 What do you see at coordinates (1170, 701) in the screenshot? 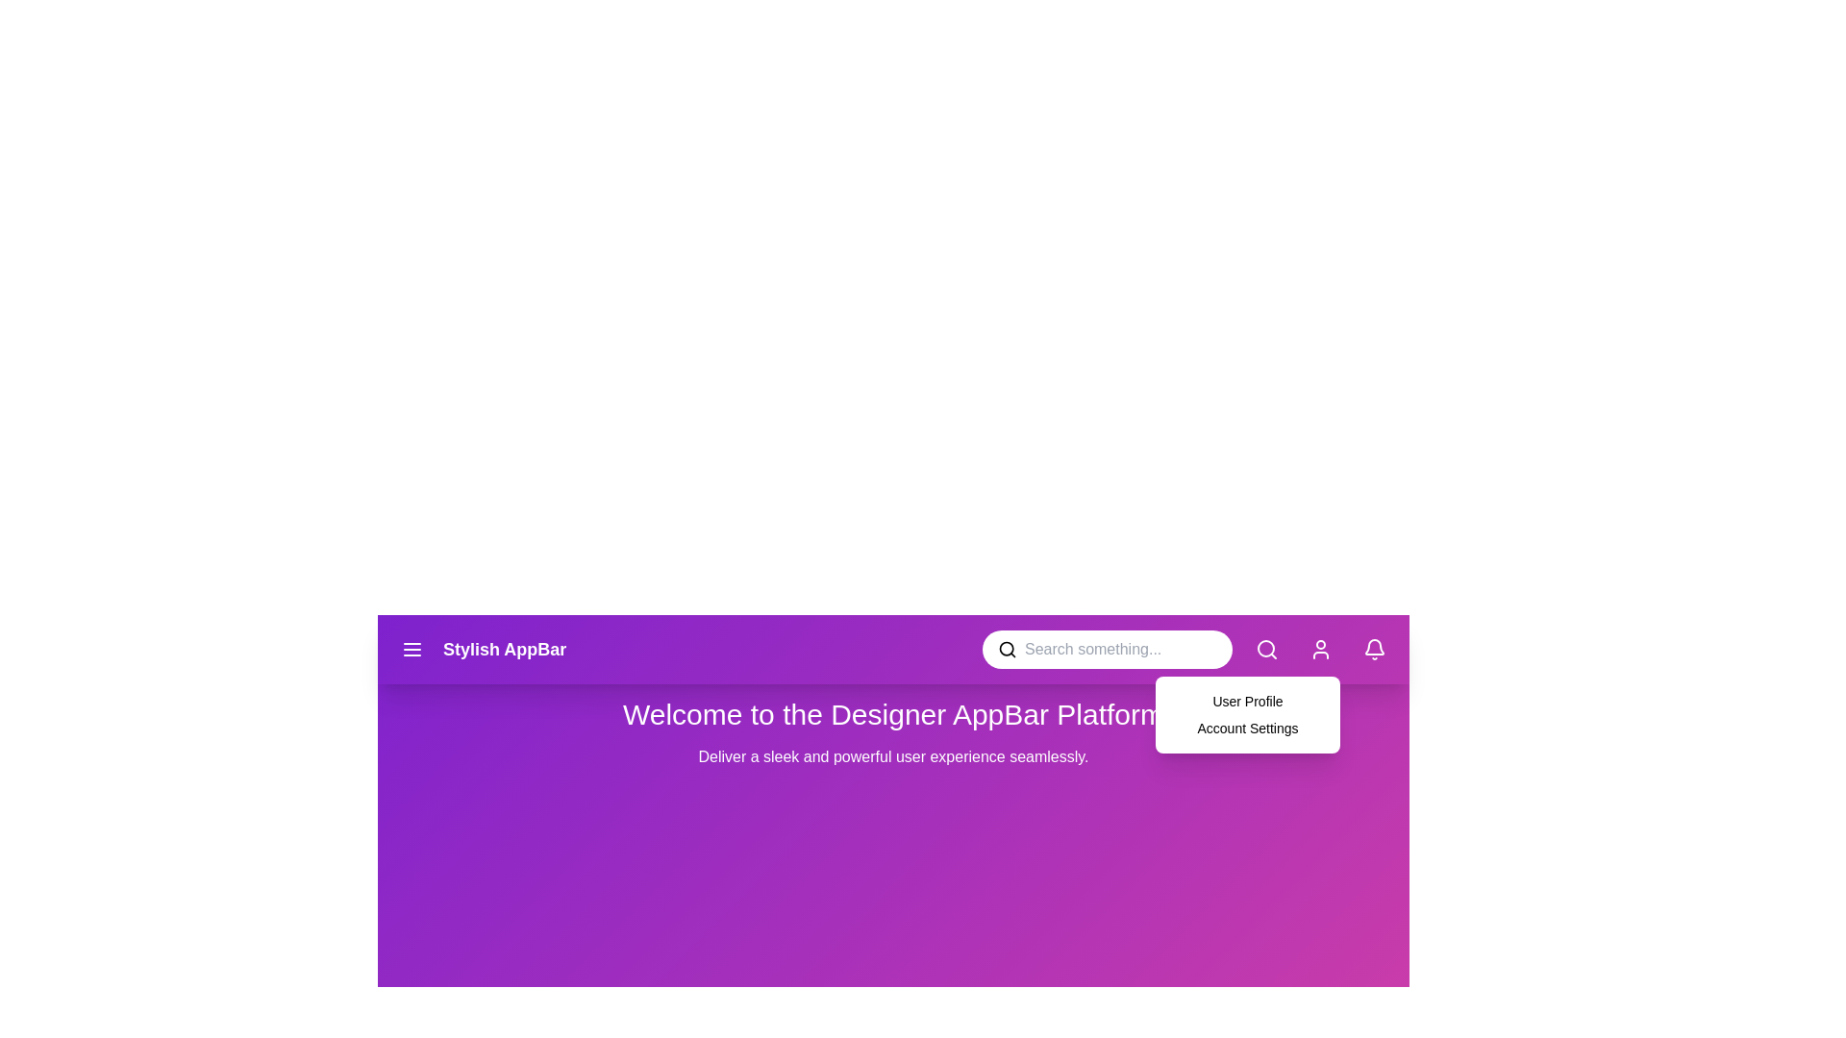
I see `the option User Profile from the dropdown menu` at bounding box center [1170, 701].